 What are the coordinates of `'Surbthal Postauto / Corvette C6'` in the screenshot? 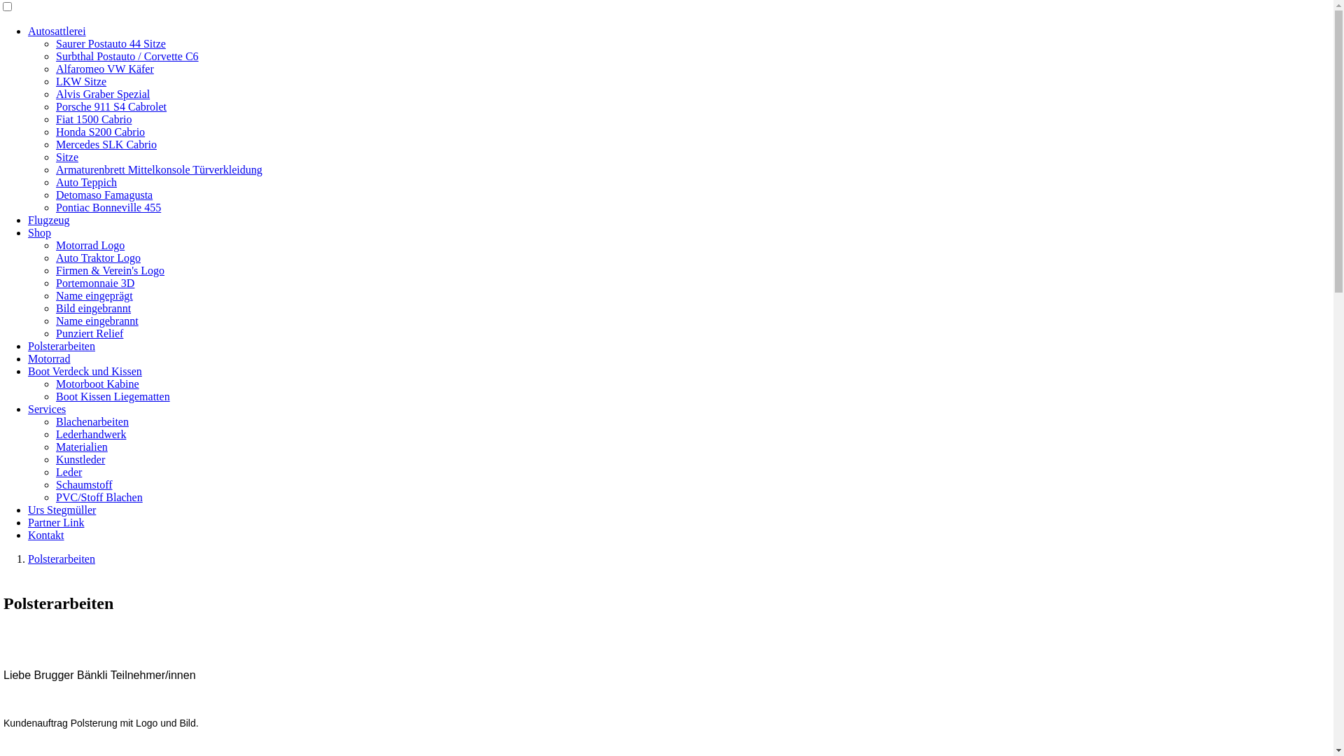 It's located at (56, 55).